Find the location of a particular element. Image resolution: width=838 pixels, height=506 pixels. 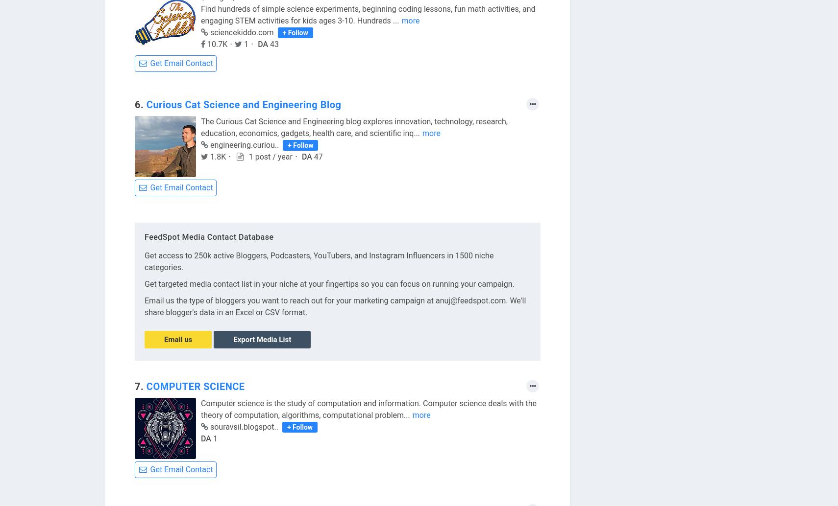

'6.' is located at coordinates (140, 105).